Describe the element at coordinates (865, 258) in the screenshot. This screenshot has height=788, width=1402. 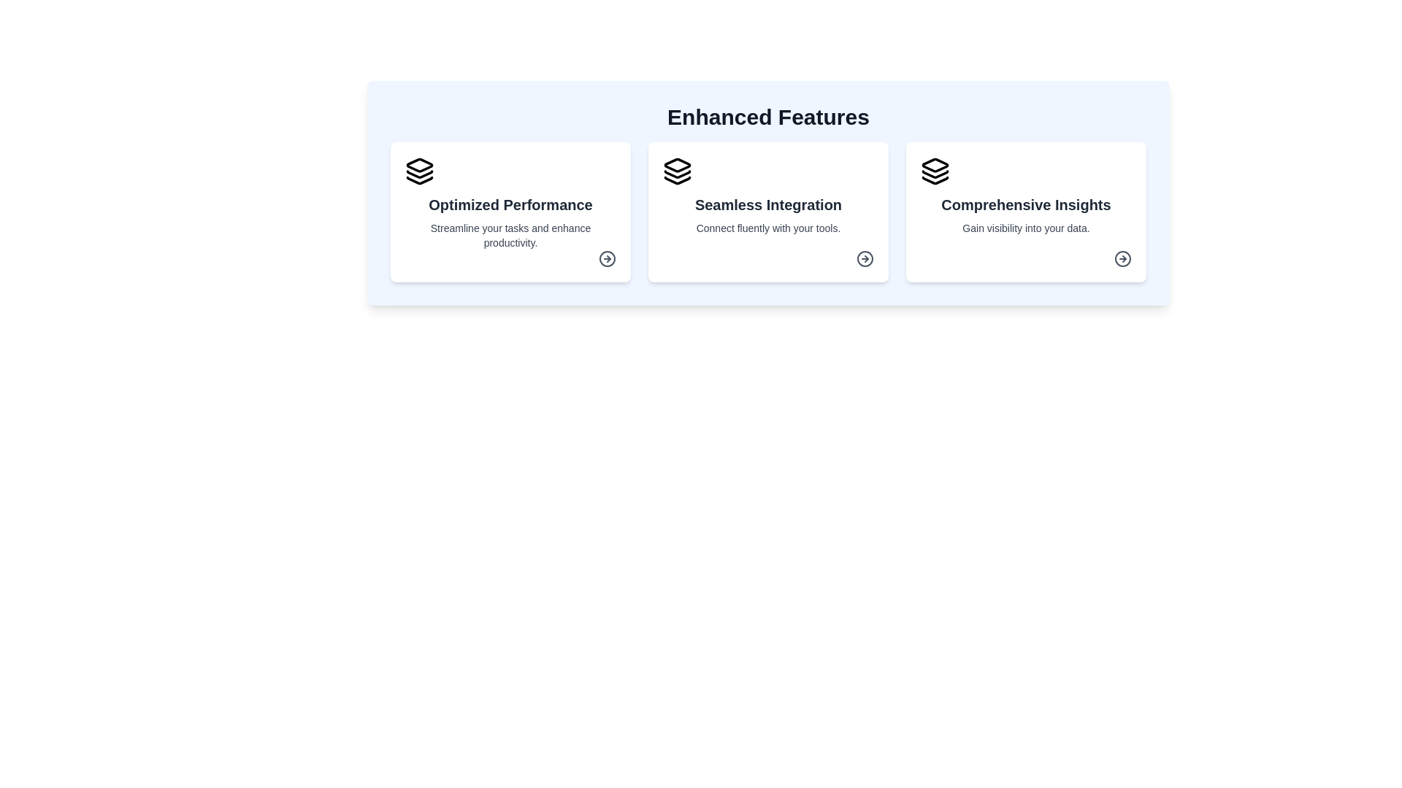
I see `the circular button-like icon with a rightward-pointing arrow at its center, located at the bottom-right corner of the 'Seamless Integration' card in the 'Enhanced Features' section` at that location.